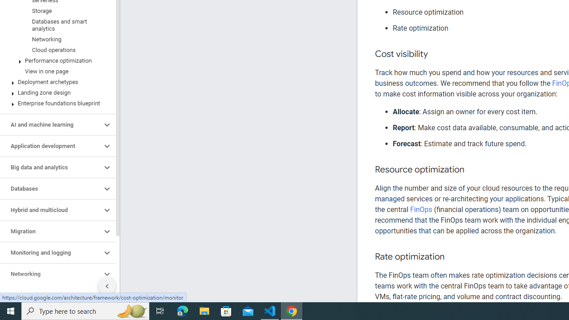  Describe the element at coordinates (56, 71) in the screenshot. I see `'View in one page'` at that location.